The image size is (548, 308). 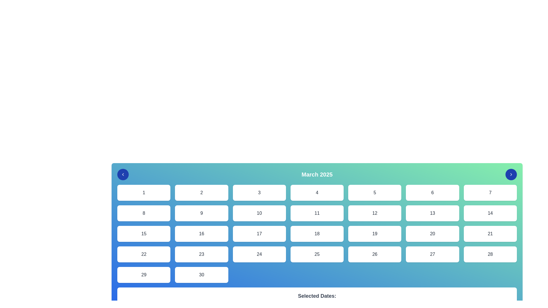 I want to click on the selectable calendar date box displaying '18', so click(x=317, y=234).